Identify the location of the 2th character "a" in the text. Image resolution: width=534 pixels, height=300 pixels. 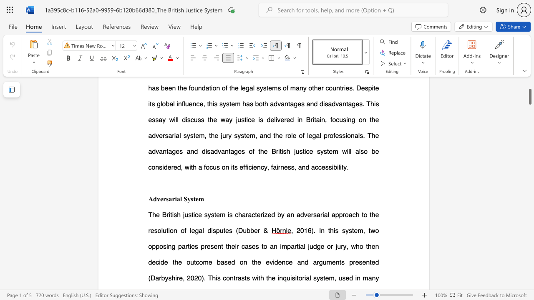
(178, 199).